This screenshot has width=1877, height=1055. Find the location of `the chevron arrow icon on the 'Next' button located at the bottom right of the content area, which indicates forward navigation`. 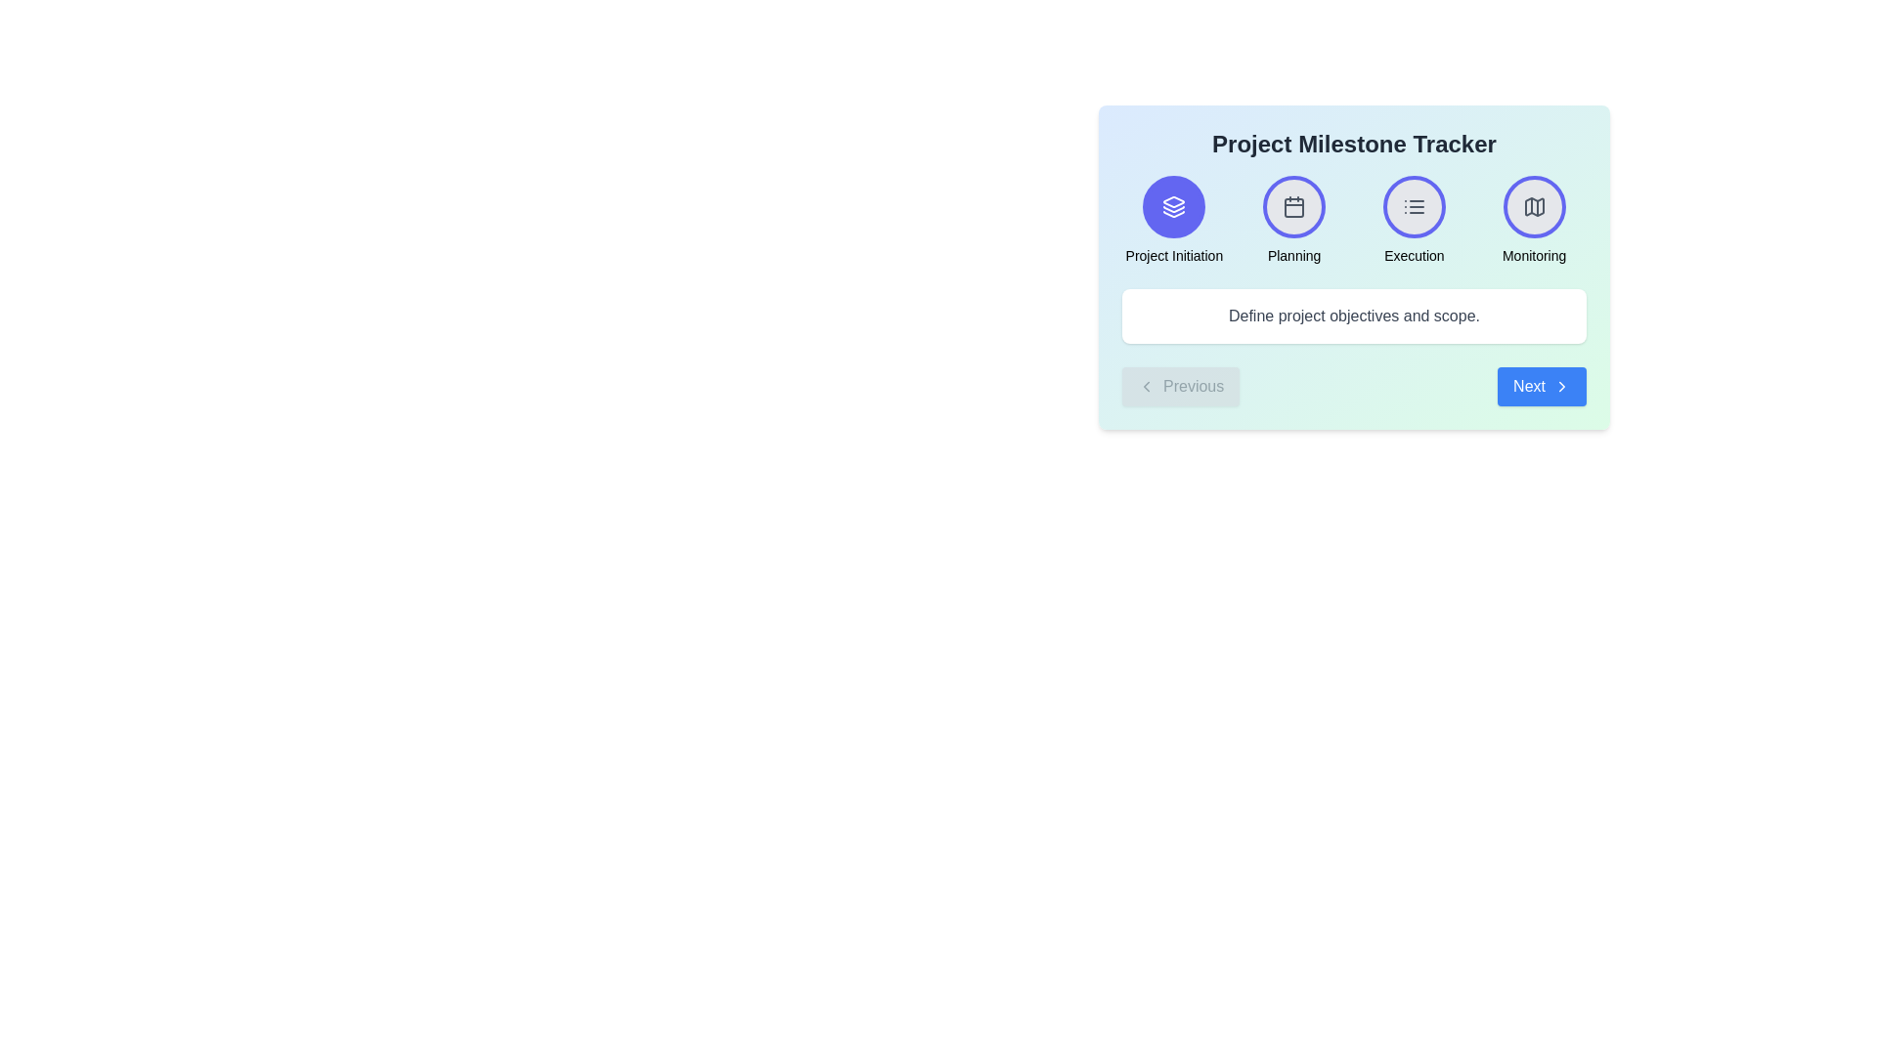

the chevron arrow icon on the 'Next' button located at the bottom right of the content area, which indicates forward navigation is located at coordinates (1561, 387).